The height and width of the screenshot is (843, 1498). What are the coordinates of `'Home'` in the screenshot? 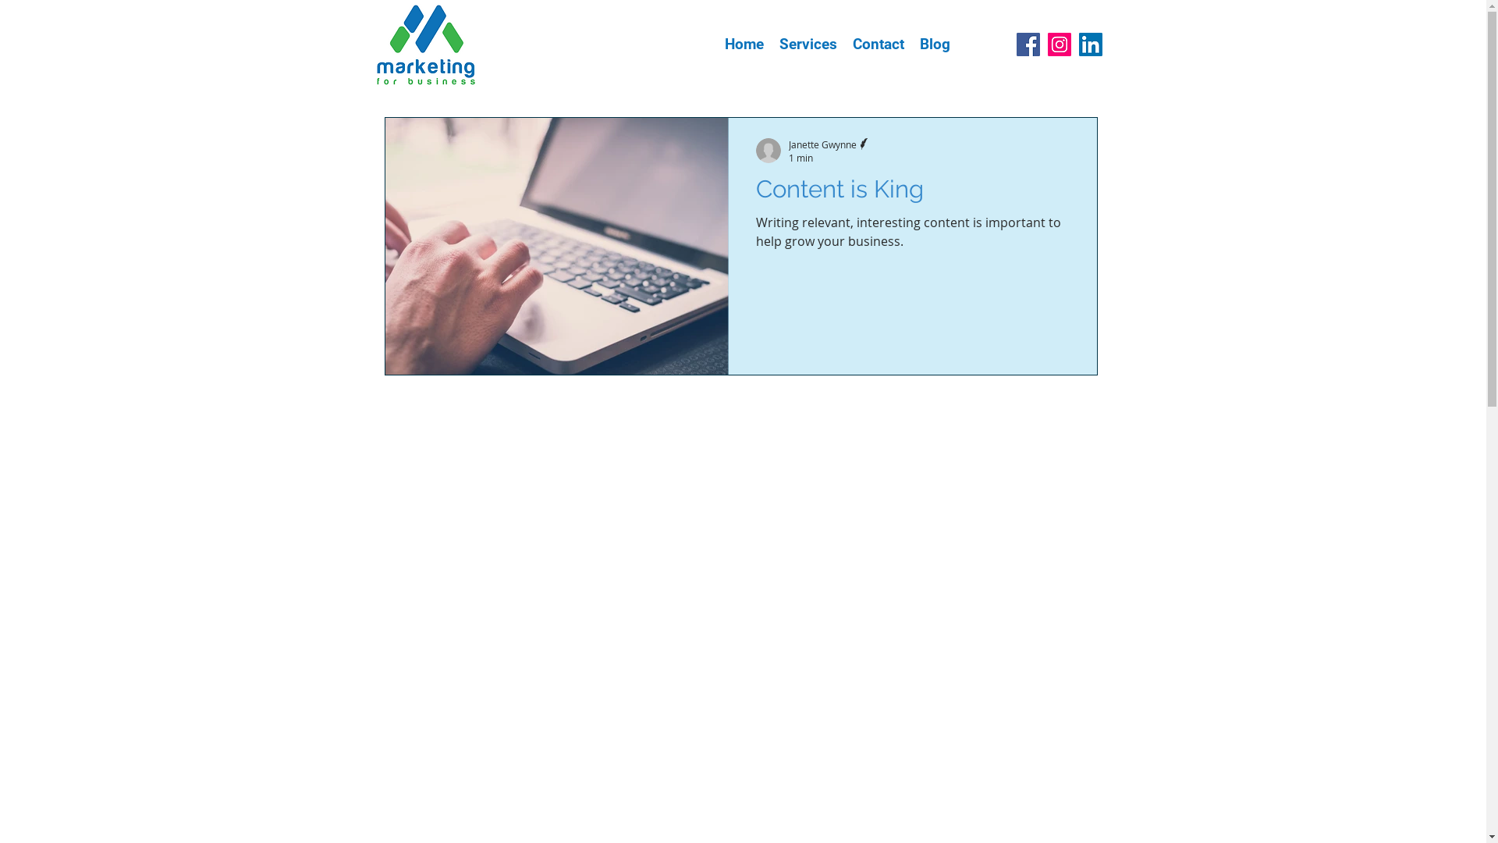 It's located at (743, 44).